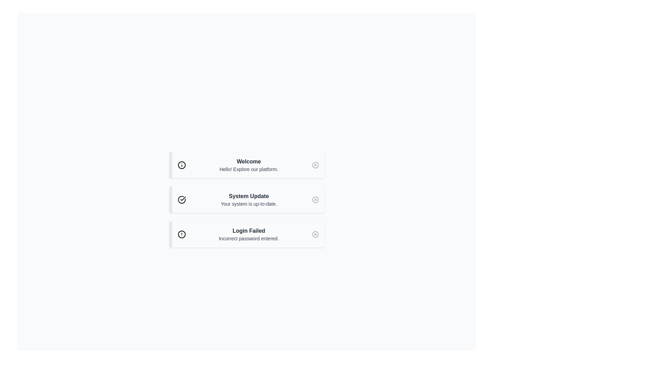 Image resolution: width=665 pixels, height=374 pixels. I want to click on the circular graphic with a radius of 10 units, located to the right of the 'Welcome' label, which is part of the 'X' icon for closure or delete action, so click(315, 165).